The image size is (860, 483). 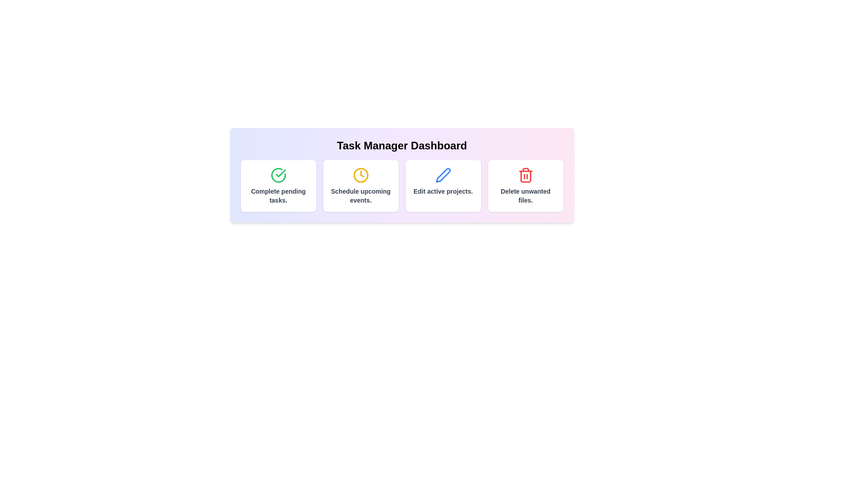 I want to click on the yellow circular clock icon, which is part of the task management dashboard, so click(x=362, y=174).